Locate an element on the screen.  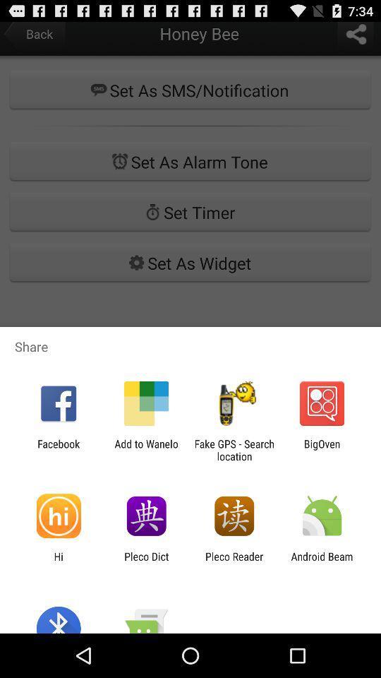
the pleco dict app is located at coordinates (145, 562).